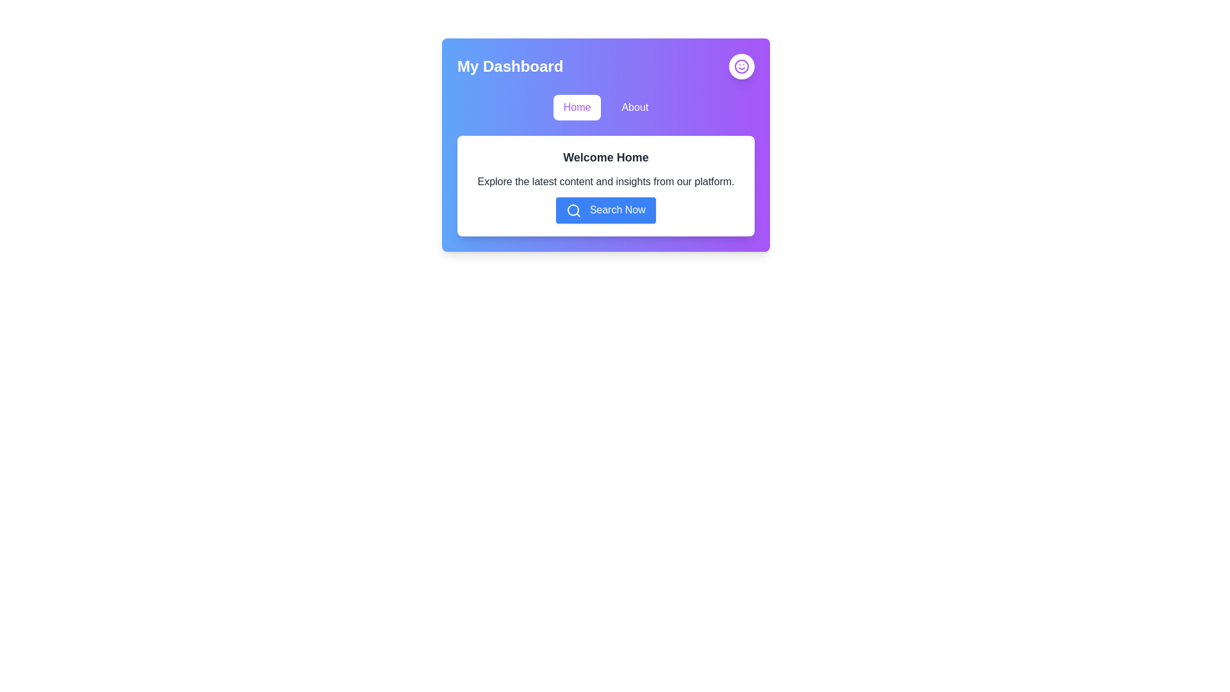 Image resolution: width=1230 pixels, height=692 pixels. Describe the element at coordinates (573, 209) in the screenshot. I see `the search button that contains the circular graphic shape, which is located on the left side of the 'Search Now' button` at that location.